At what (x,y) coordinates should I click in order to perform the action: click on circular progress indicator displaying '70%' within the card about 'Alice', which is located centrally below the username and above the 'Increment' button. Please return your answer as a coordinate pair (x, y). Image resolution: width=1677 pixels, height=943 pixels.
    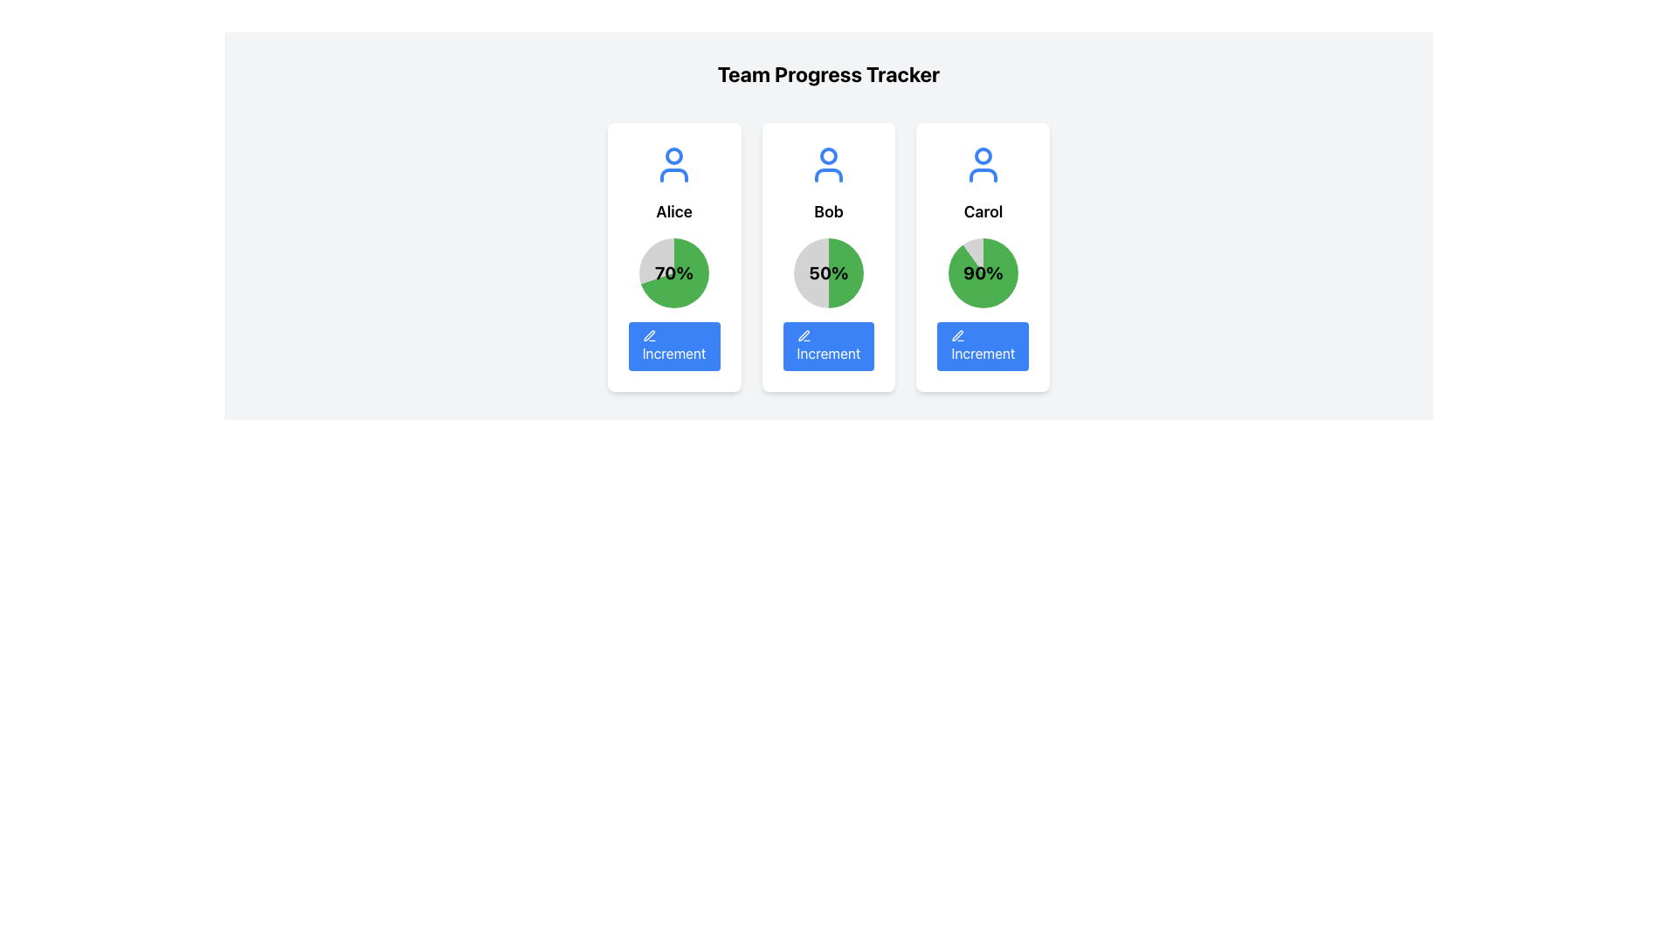
    Looking at the image, I should click on (673, 272).